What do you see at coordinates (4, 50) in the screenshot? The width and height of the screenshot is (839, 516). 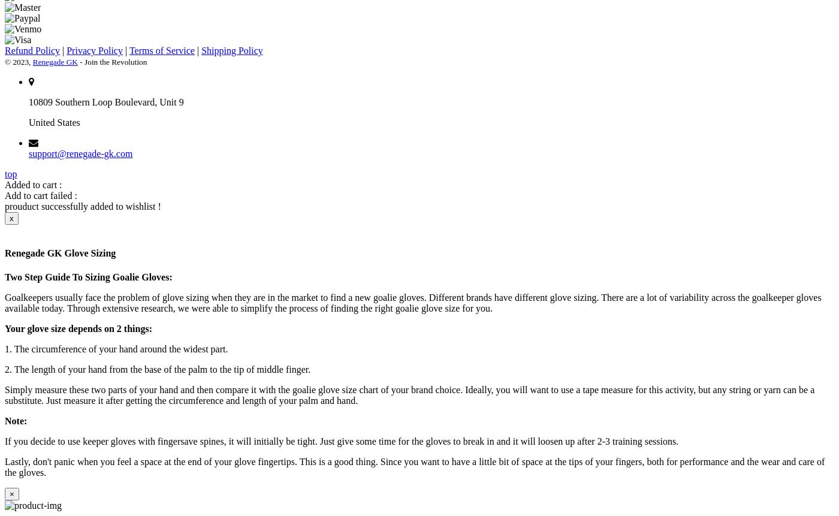 I see `'Refund Policy'` at bounding box center [4, 50].